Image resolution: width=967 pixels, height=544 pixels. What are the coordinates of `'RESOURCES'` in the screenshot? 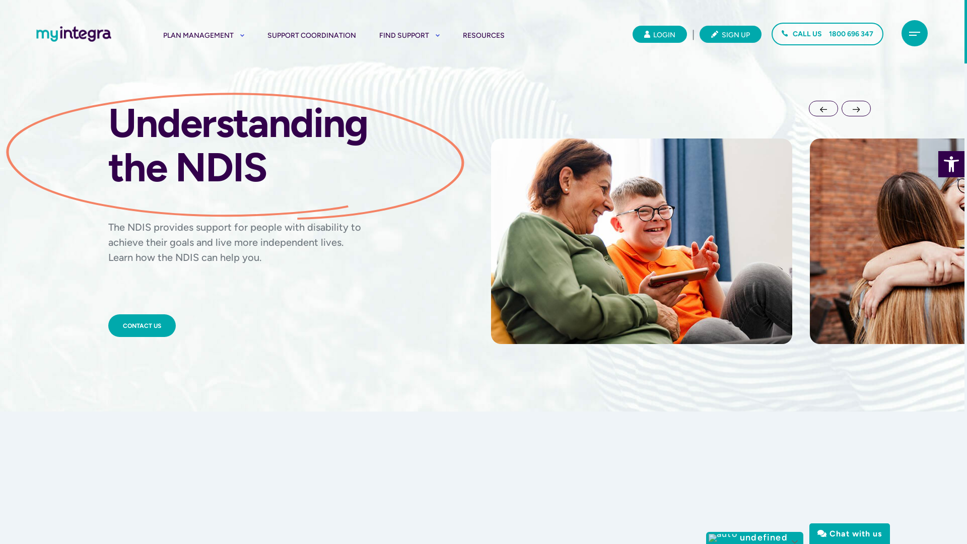 It's located at (483, 35).